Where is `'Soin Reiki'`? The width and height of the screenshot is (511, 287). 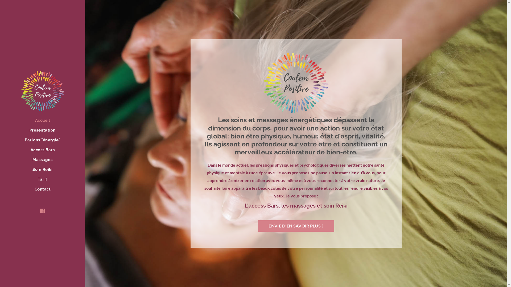
'Soin Reiki' is located at coordinates (42, 170).